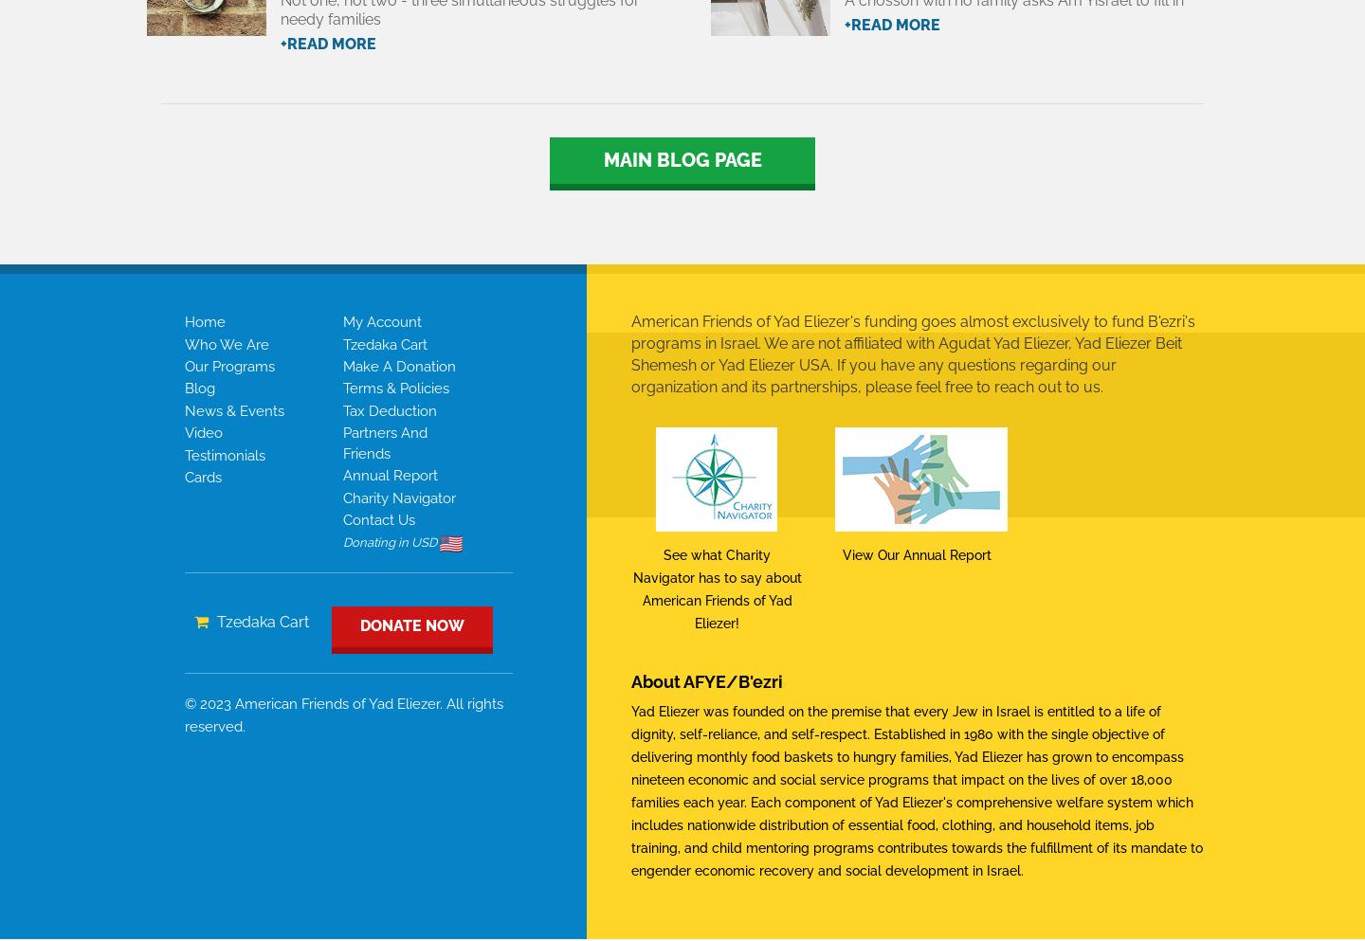 This screenshot has width=1365, height=941. Describe the element at coordinates (397, 365) in the screenshot. I see `'Make a Donation'` at that location.